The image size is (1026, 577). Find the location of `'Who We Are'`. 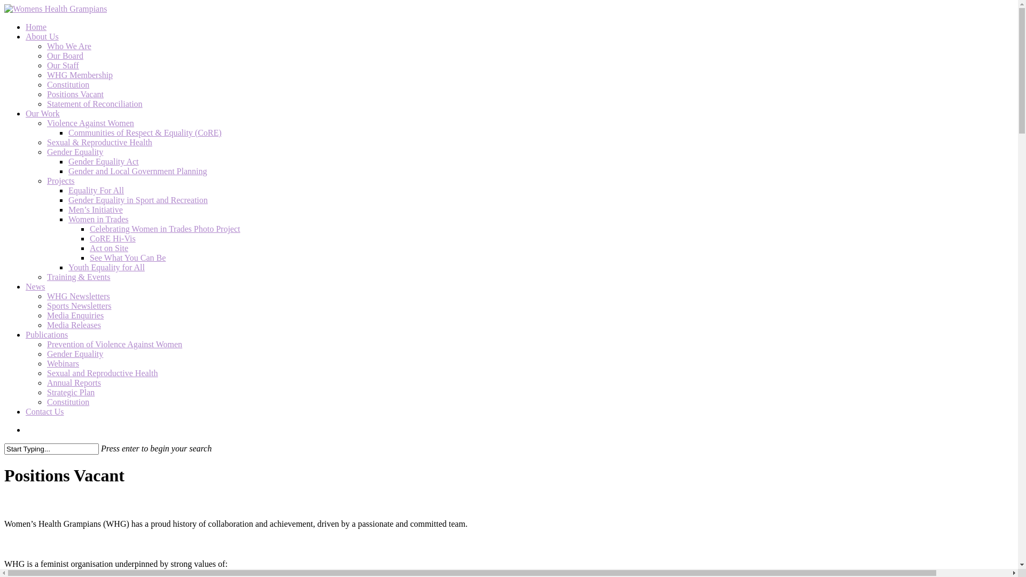

'Who We Are' is located at coordinates (68, 45).